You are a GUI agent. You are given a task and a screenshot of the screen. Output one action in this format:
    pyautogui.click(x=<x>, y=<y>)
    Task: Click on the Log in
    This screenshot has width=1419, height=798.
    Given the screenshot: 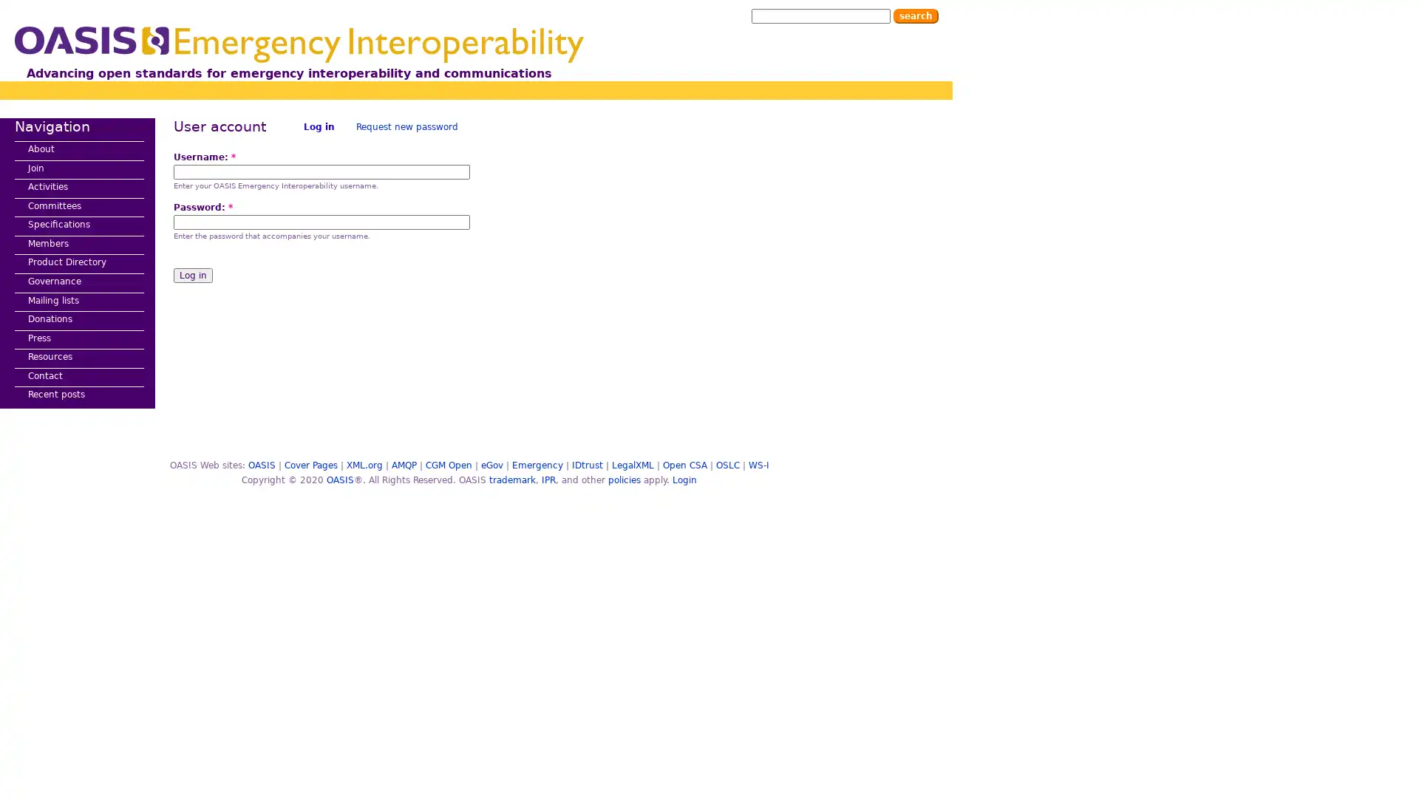 What is the action you would take?
    pyautogui.click(x=192, y=276)
    